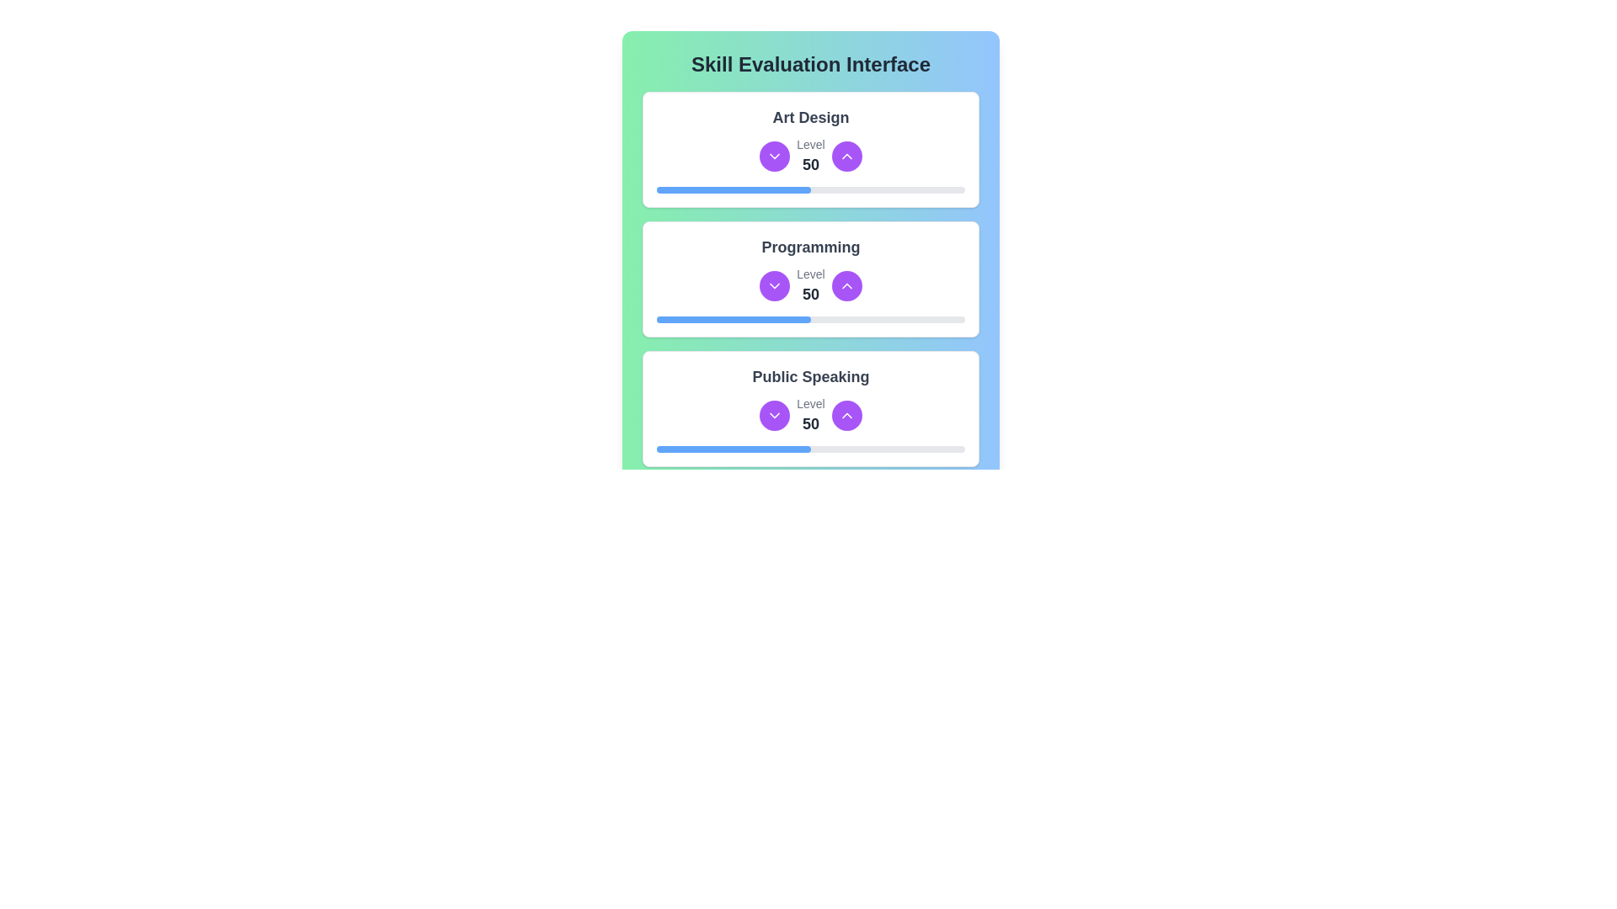  What do you see at coordinates (811, 448) in the screenshot?
I see `the horizontal progress bar located at the bottom of the 'Public Speaking' skill card, which has a light gray background and a blue fill representing half progress` at bounding box center [811, 448].